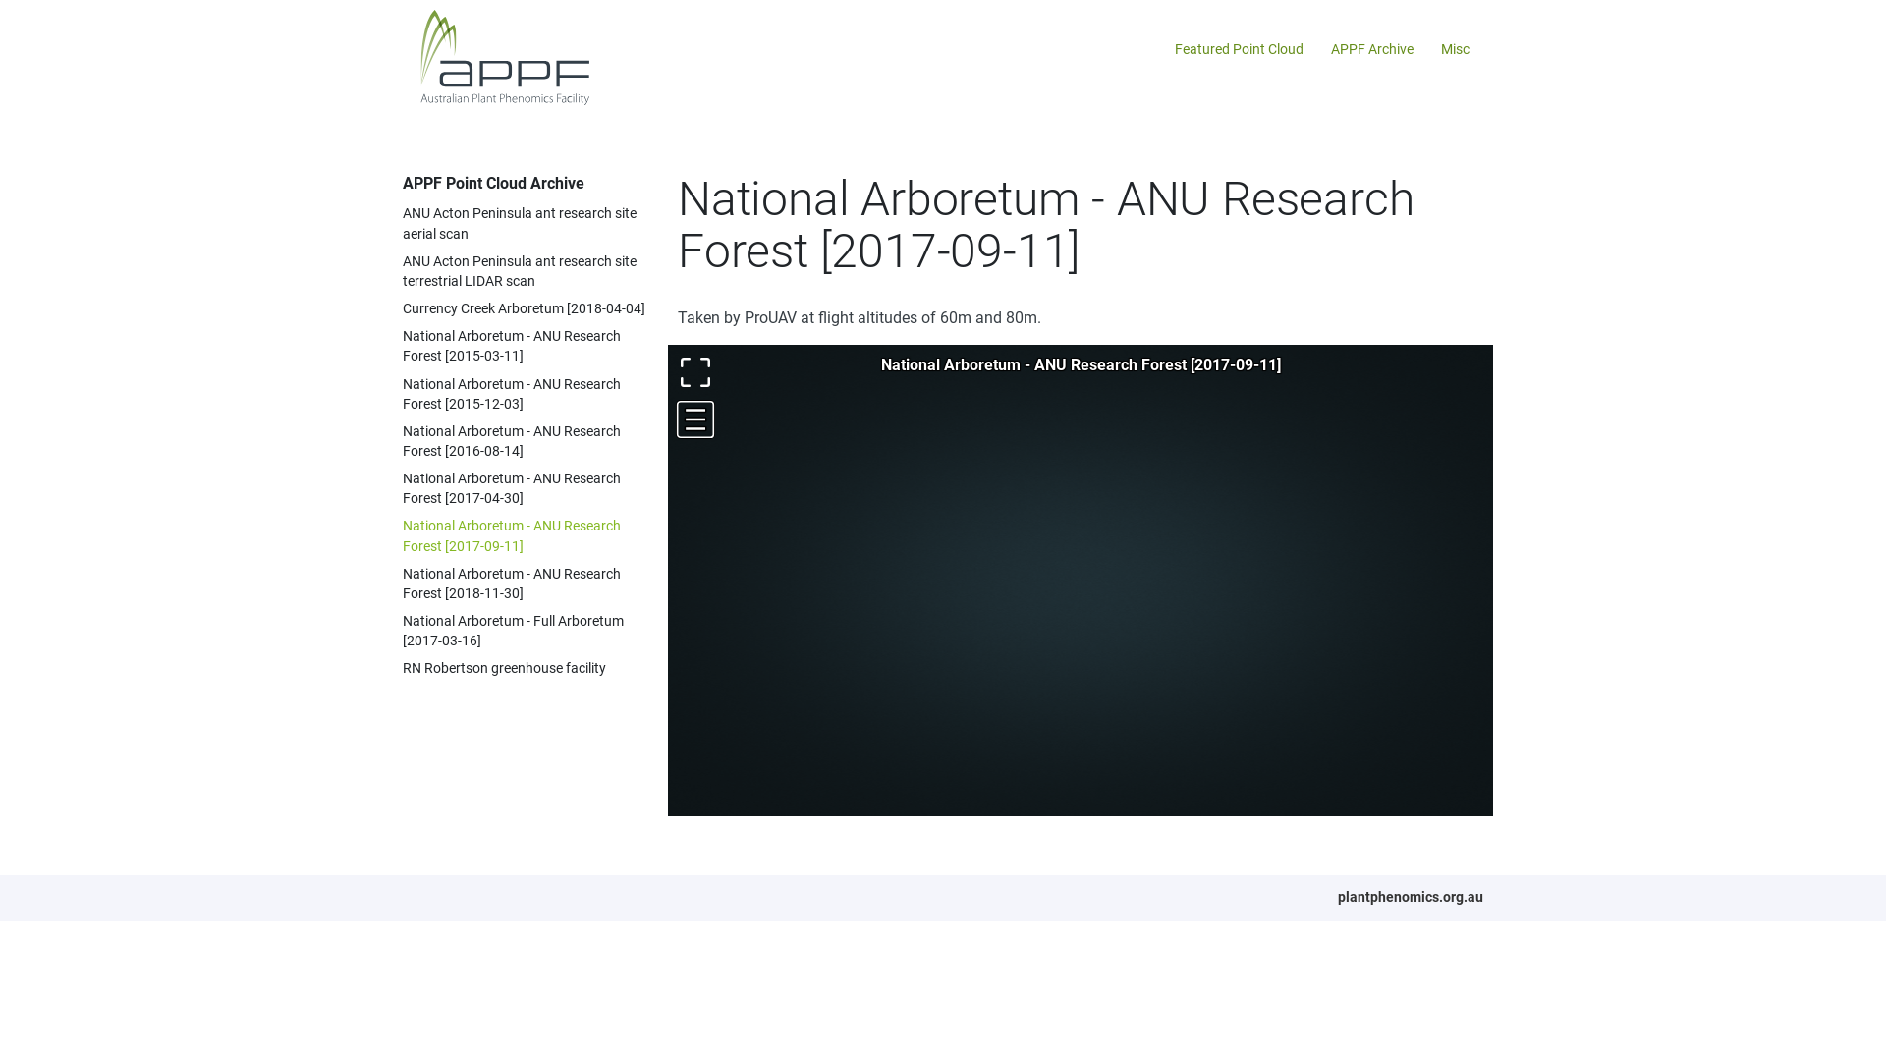 The height and width of the screenshot is (1061, 1886). Describe the element at coordinates (401, 487) in the screenshot. I see `'National Arboretum - ANU Research Forest [2017-04-30]'` at that location.